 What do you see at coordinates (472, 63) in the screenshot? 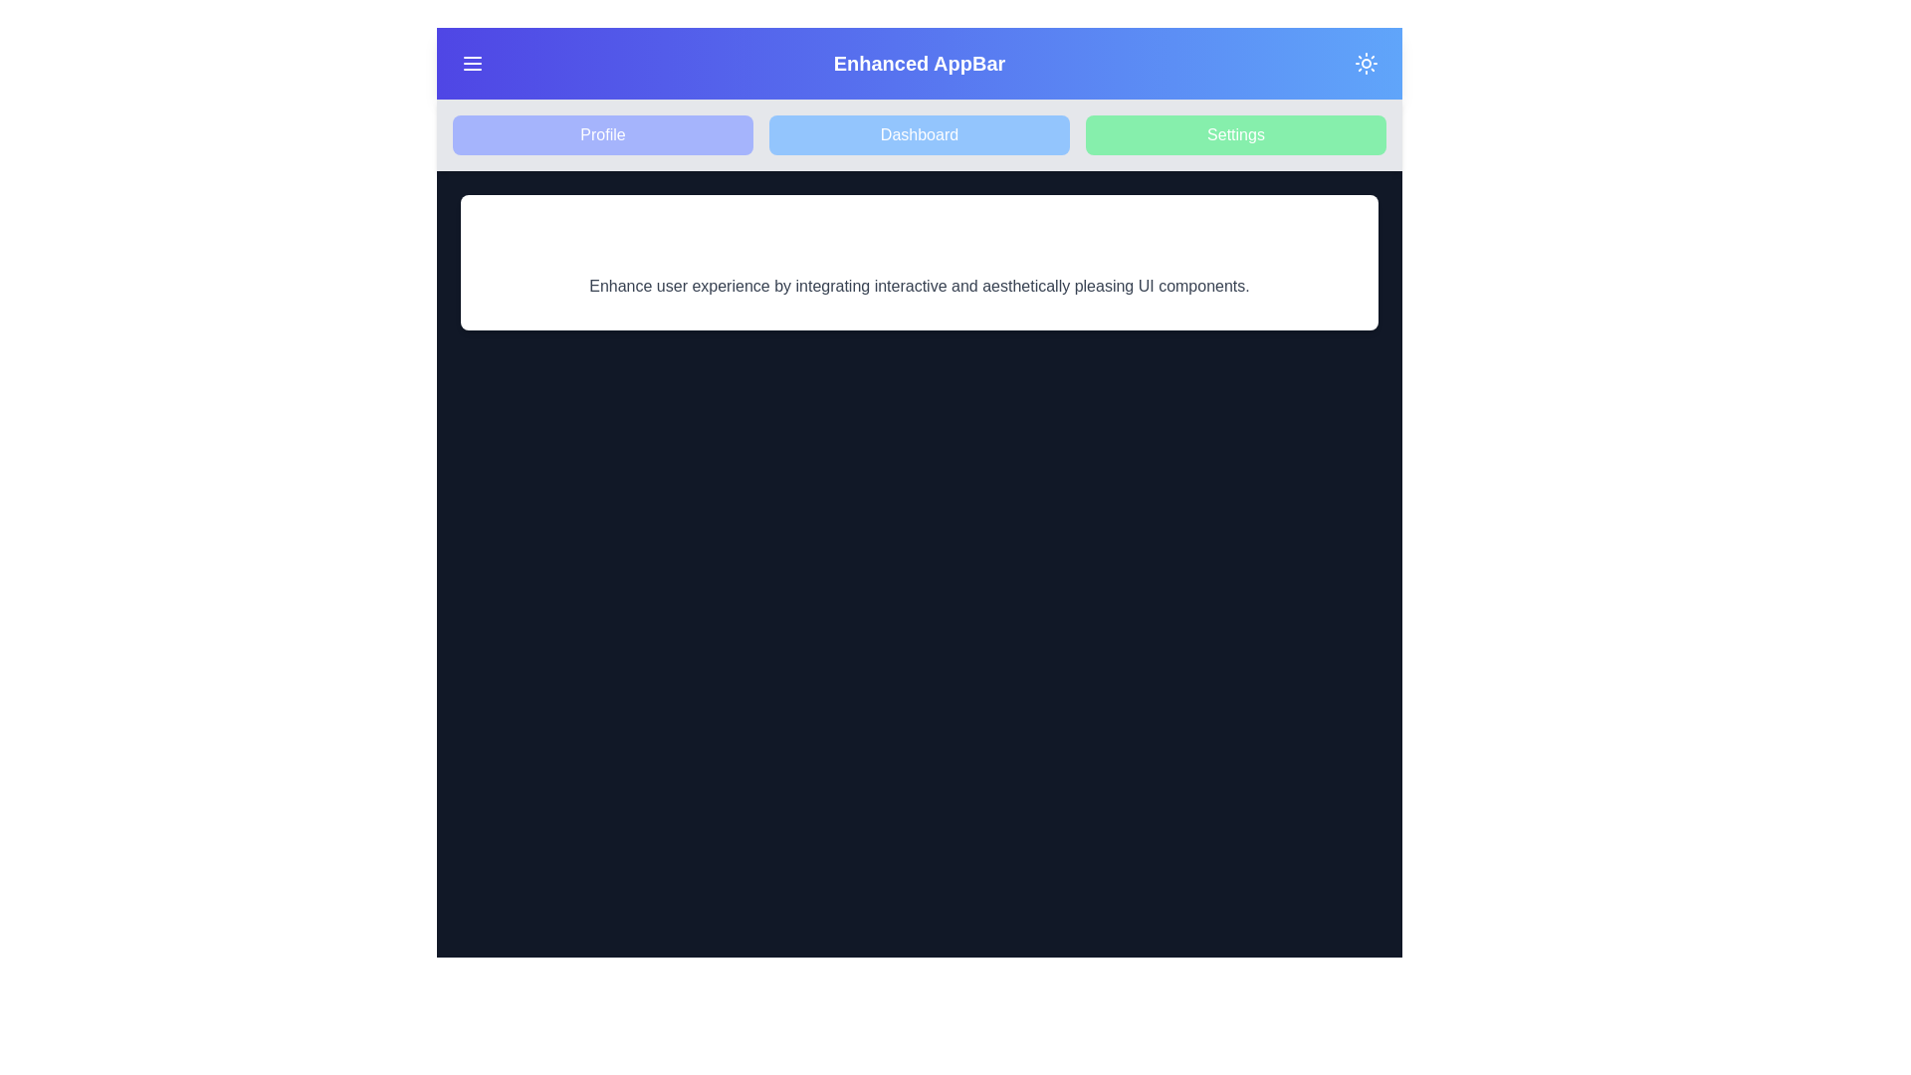
I see `the menu toggle button to toggle the visibility of the menu` at bounding box center [472, 63].